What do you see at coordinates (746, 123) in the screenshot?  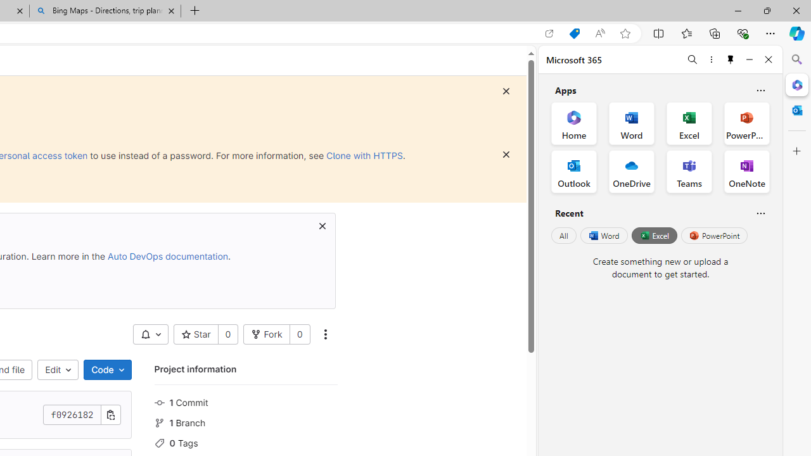 I see `'PowerPoint Office App'` at bounding box center [746, 123].